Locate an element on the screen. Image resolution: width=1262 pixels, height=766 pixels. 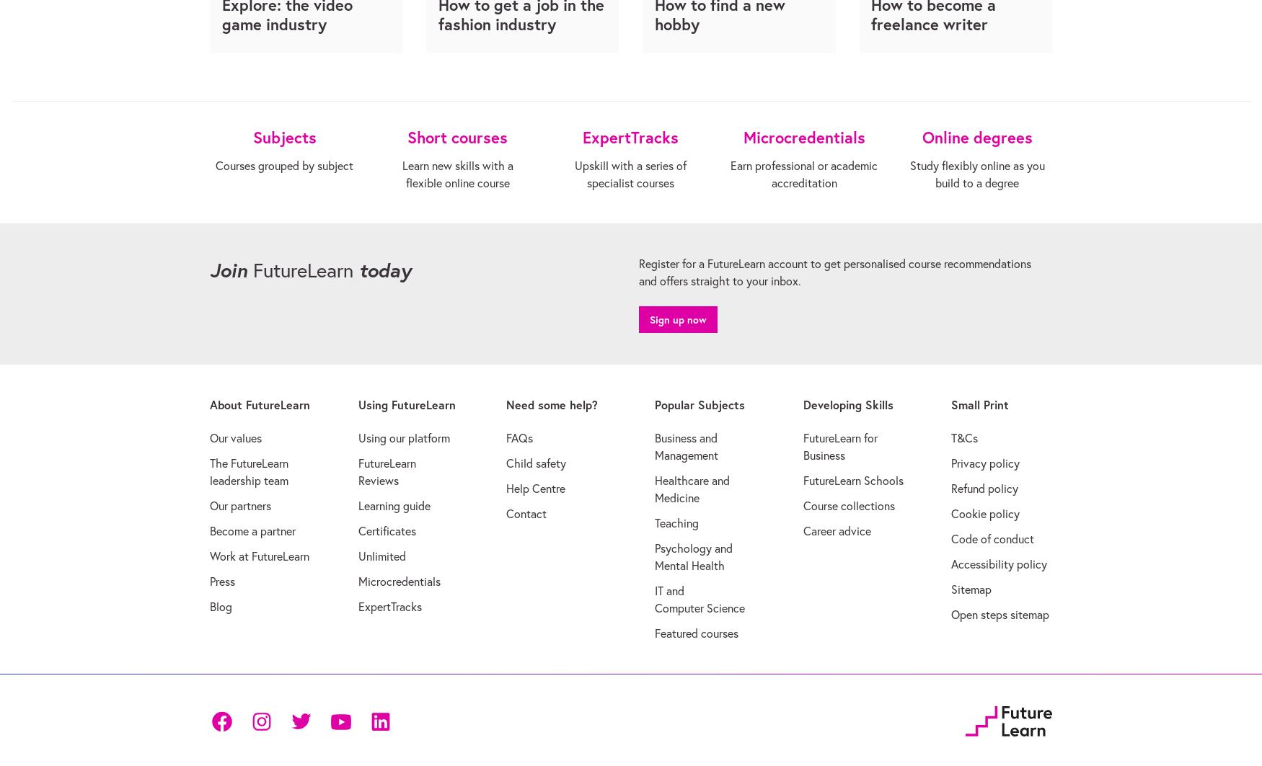
'Refund policy' is located at coordinates (950, 487).